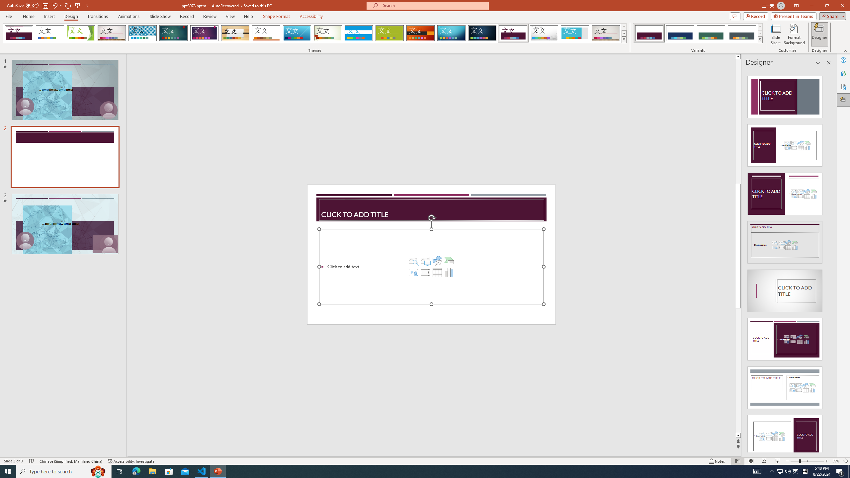 Image resolution: width=850 pixels, height=478 pixels. What do you see at coordinates (314, 33) in the screenshot?
I see `'AutomationID: SlideThemesGallery'` at bounding box center [314, 33].